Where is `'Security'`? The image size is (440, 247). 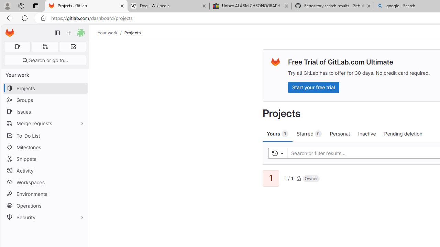 'Security' is located at coordinates (45, 217).